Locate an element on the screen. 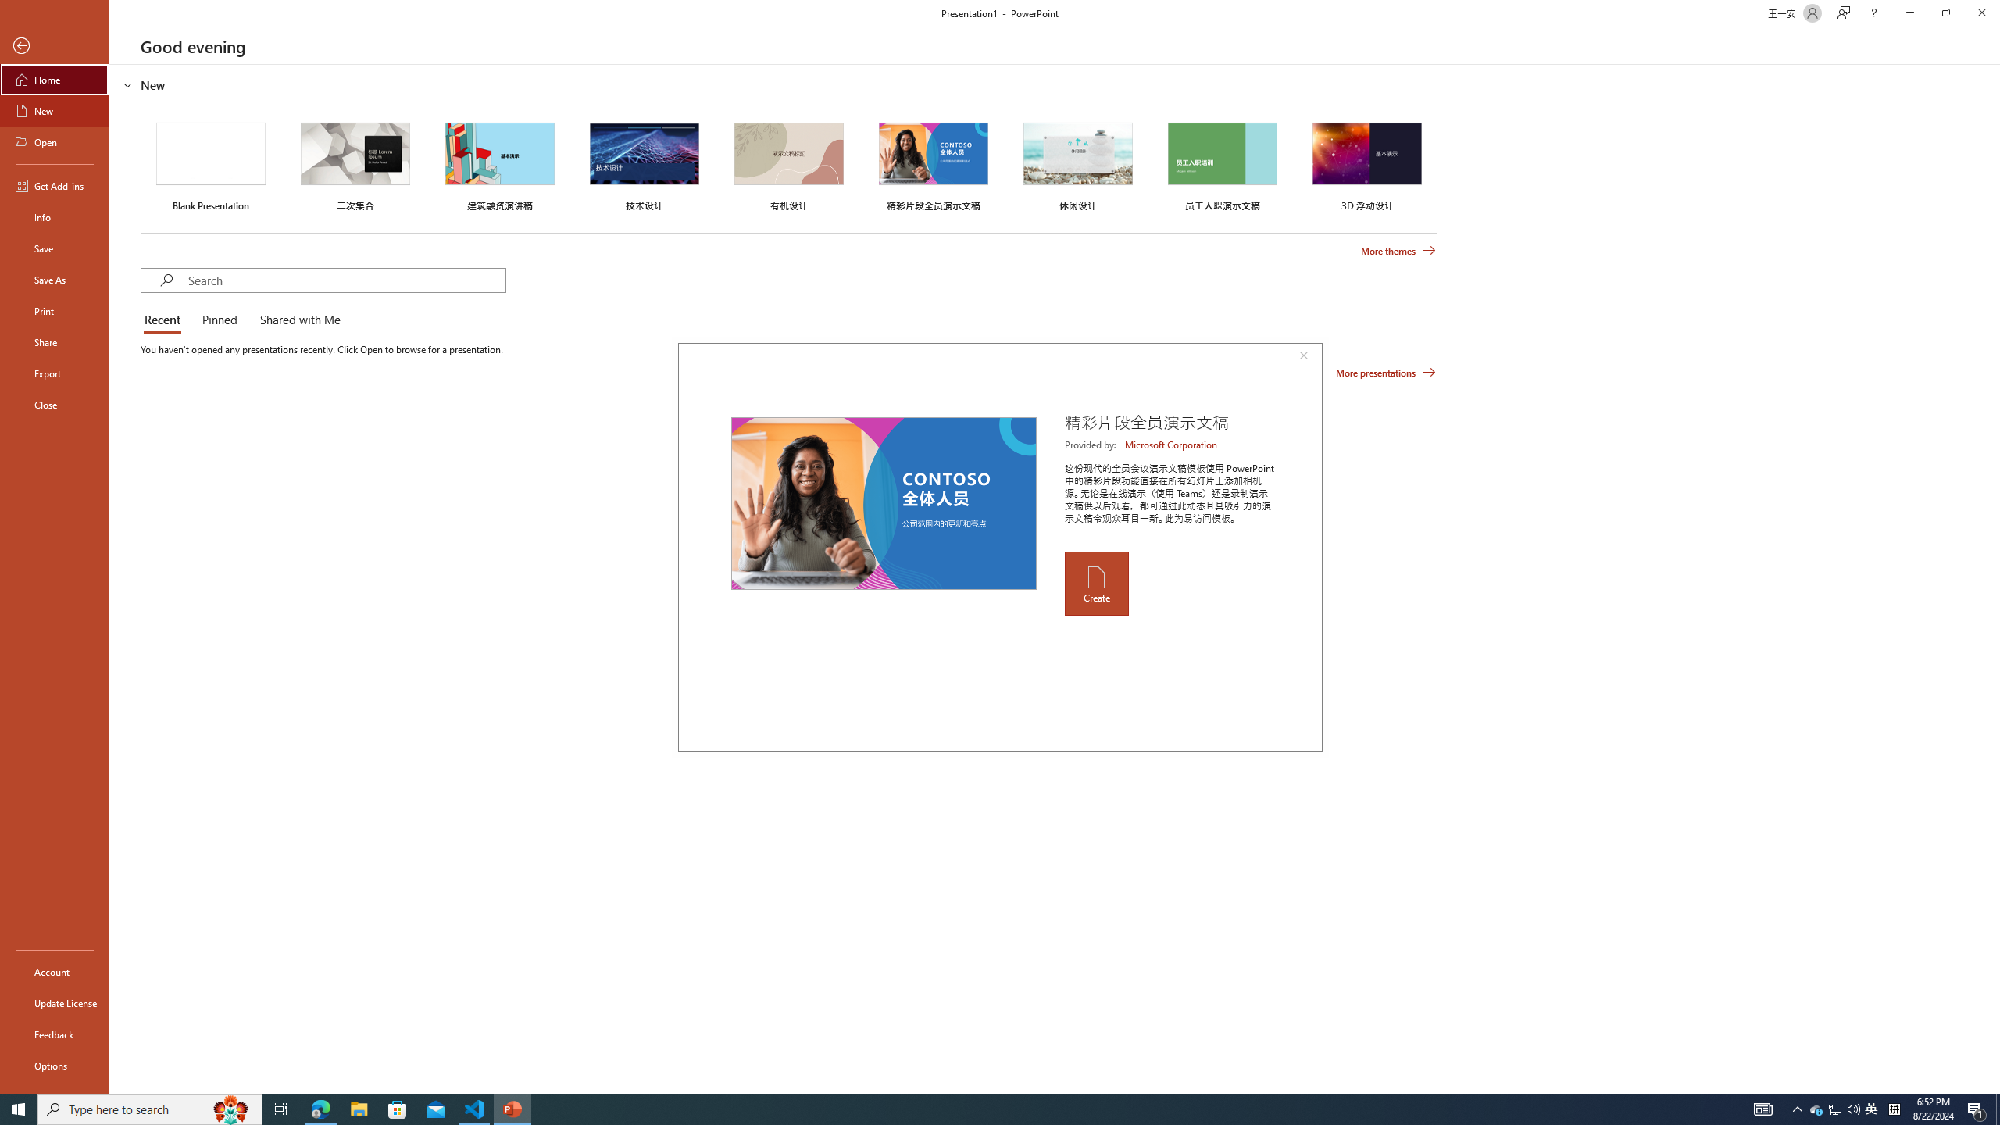  'Get Add-ins' is located at coordinates (54, 185).